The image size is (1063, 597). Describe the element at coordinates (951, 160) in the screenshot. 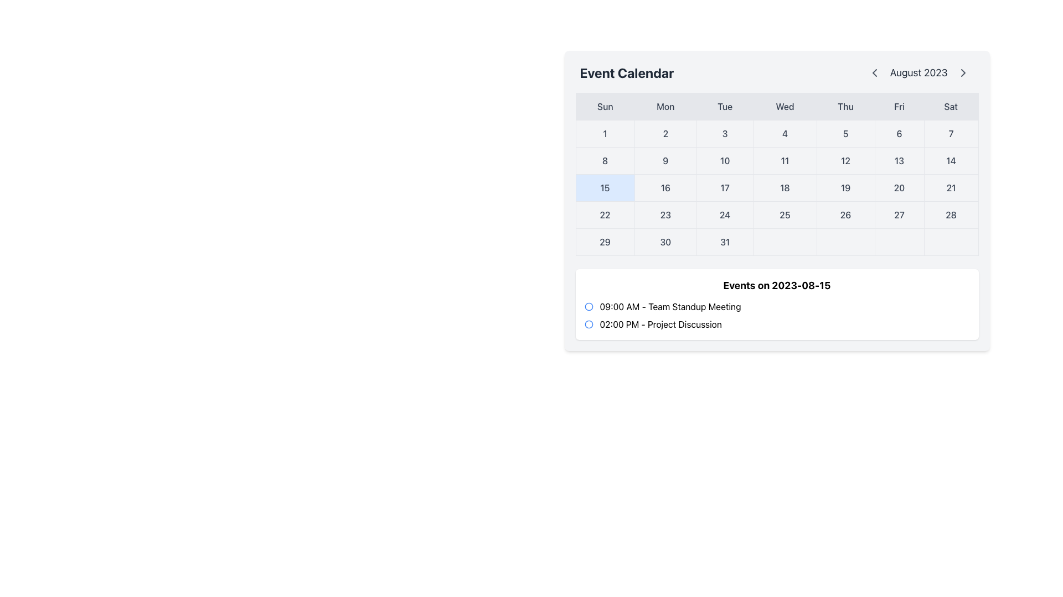

I see `the Calendar Day Cell displaying the number '14'` at that location.